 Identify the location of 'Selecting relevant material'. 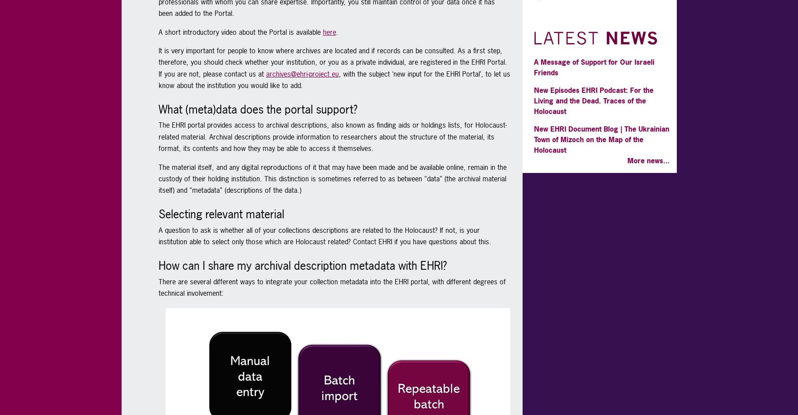
(221, 213).